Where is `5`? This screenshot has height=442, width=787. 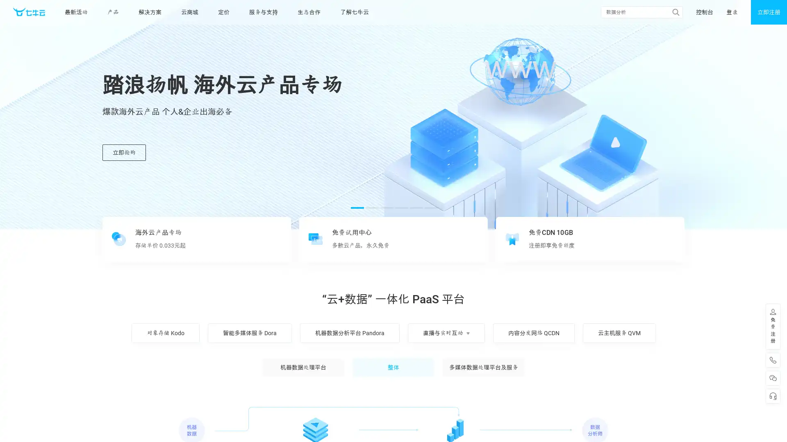
5 is located at coordinates (416, 207).